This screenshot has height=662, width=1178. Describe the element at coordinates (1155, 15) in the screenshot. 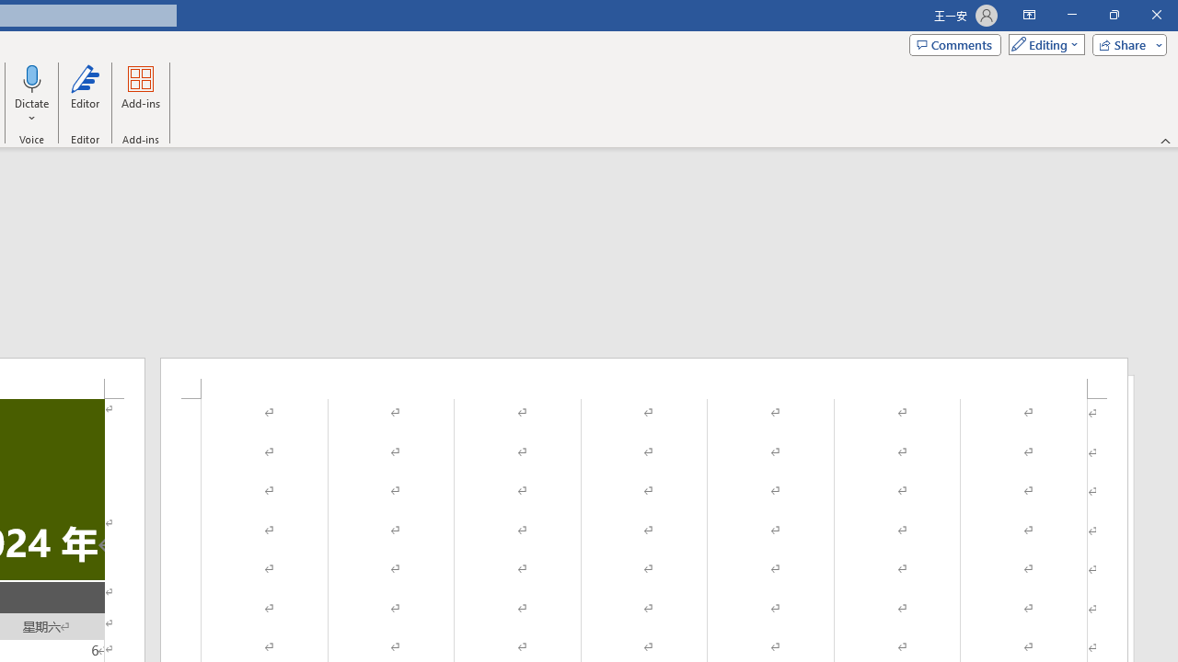

I see `'Close'` at that location.